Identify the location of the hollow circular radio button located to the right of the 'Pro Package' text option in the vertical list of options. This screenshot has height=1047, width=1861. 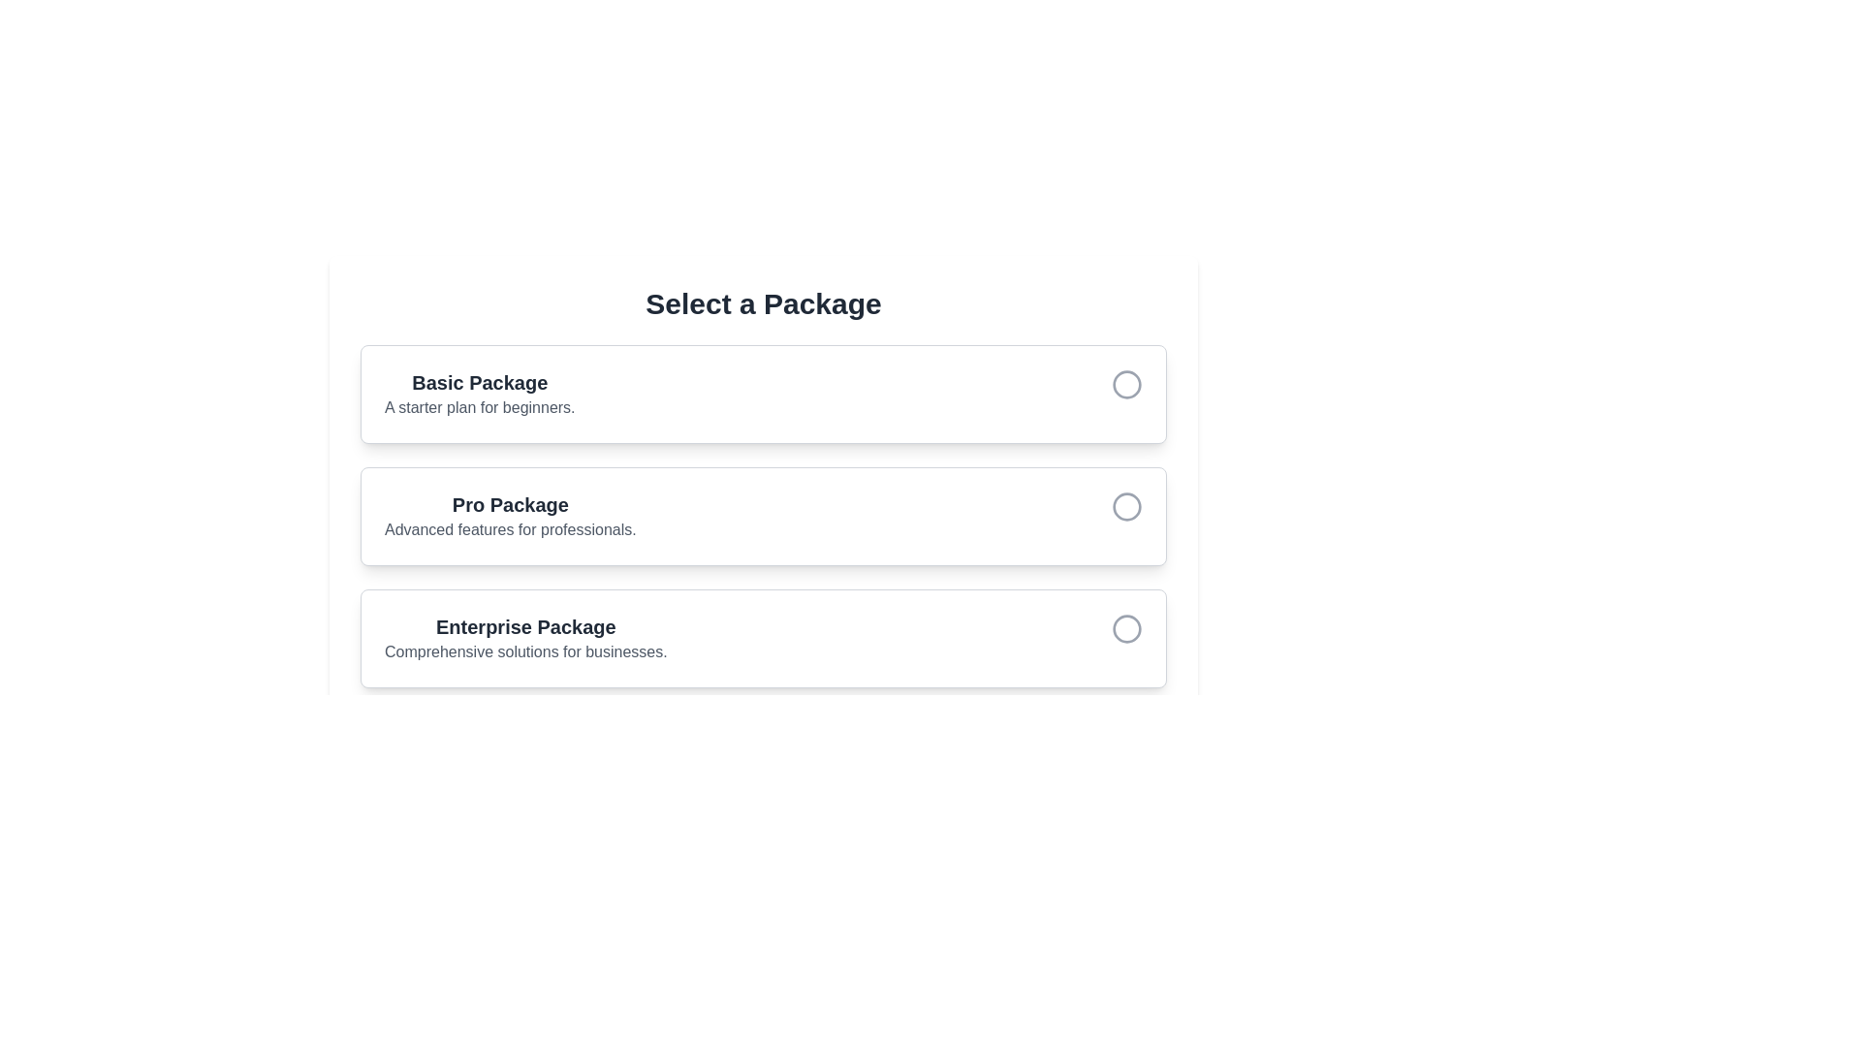
(1126, 506).